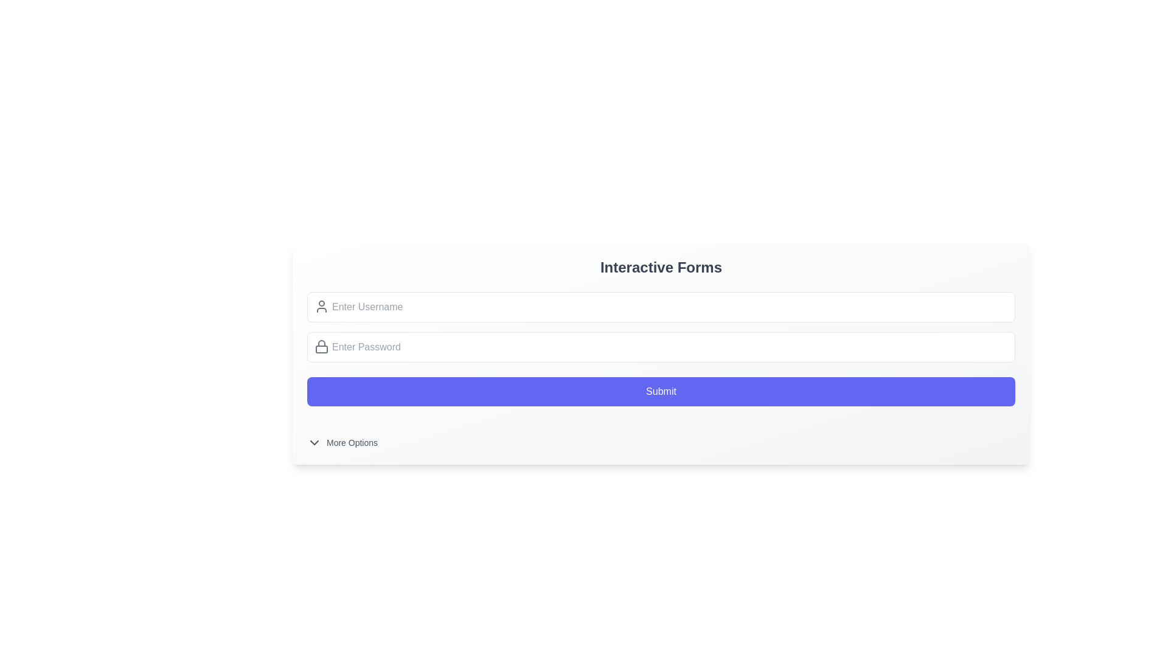 The width and height of the screenshot is (1168, 657). I want to click on the Expandable Menu Trigger located beneath the 'Submit' button in the 'Interactive Forms' section, so click(660, 435).